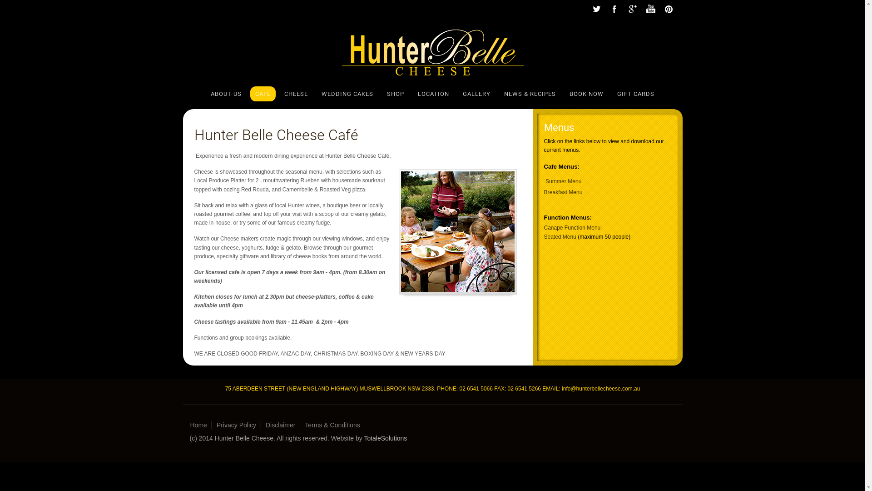 The width and height of the screenshot is (872, 491). I want to click on 'WEDDING CAKES', so click(322, 94).